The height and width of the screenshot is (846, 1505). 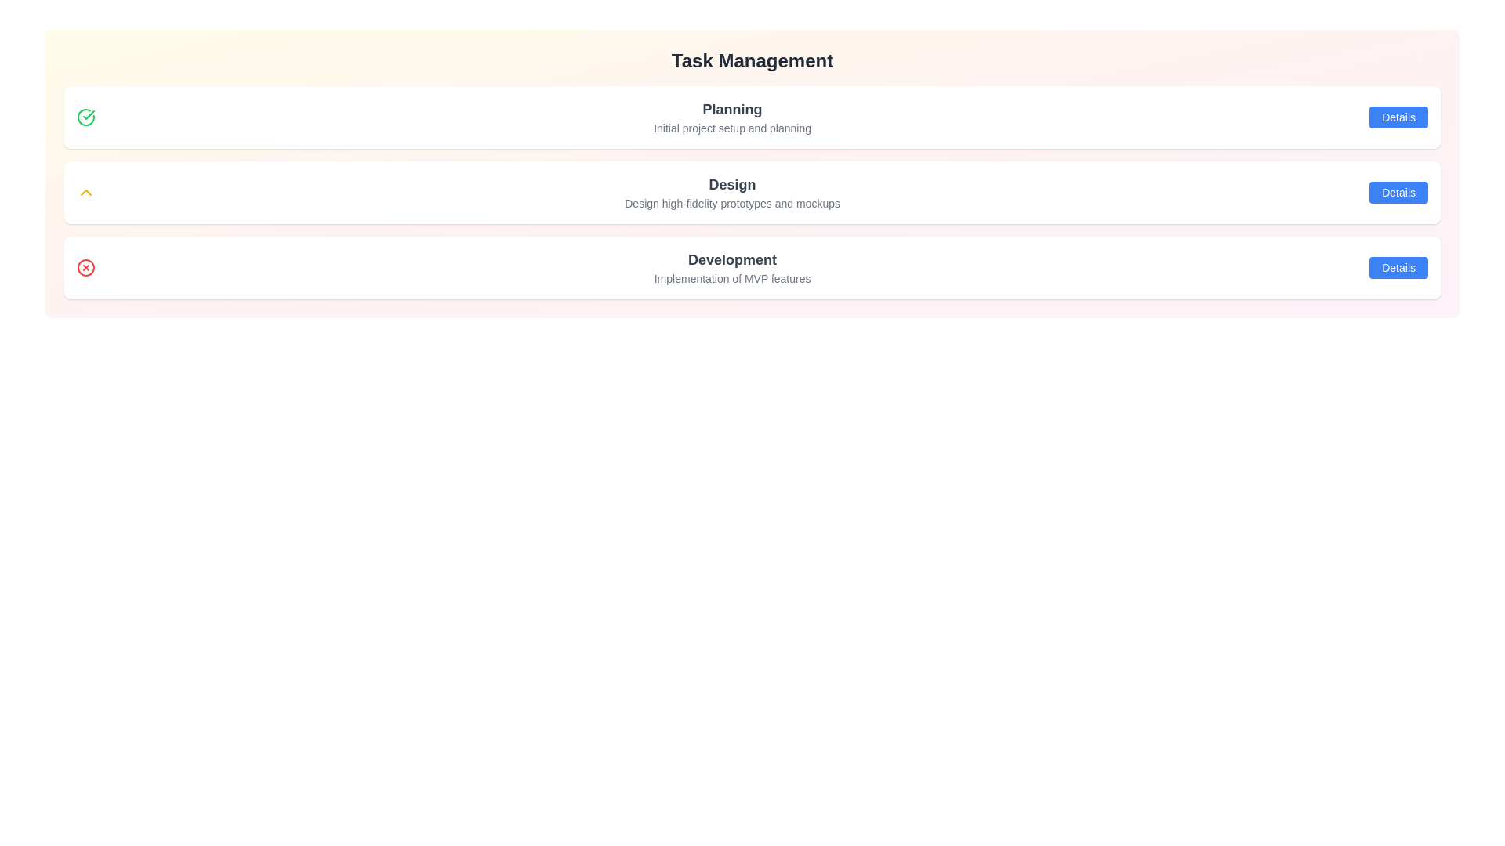 What do you see at coordinates (85, 117) in the screenshot?
I see `the icon associated with the task Planning to view its tooltip` at bounding box center [85, 117].